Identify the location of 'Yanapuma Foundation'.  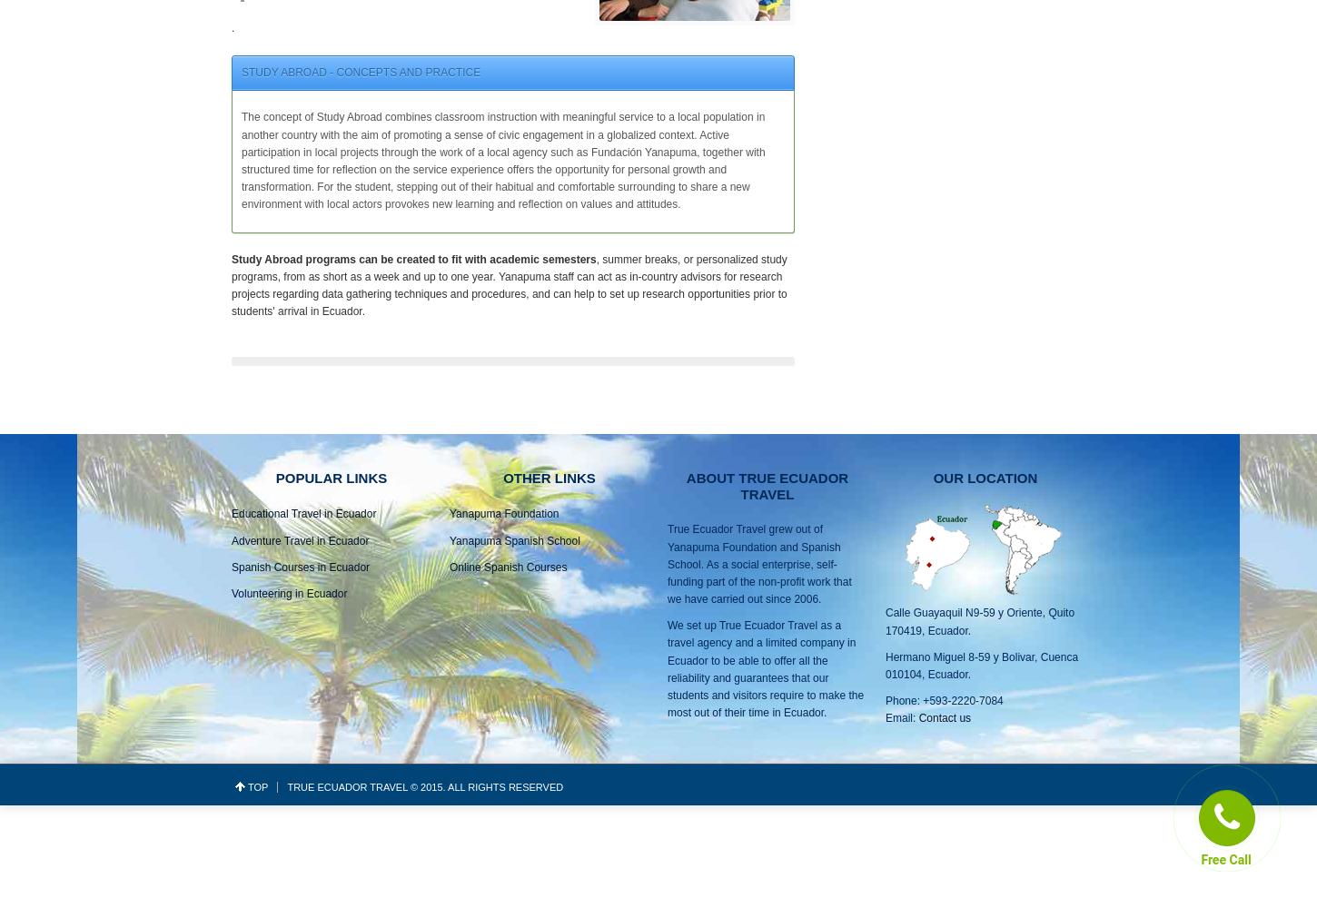
(504, 513).